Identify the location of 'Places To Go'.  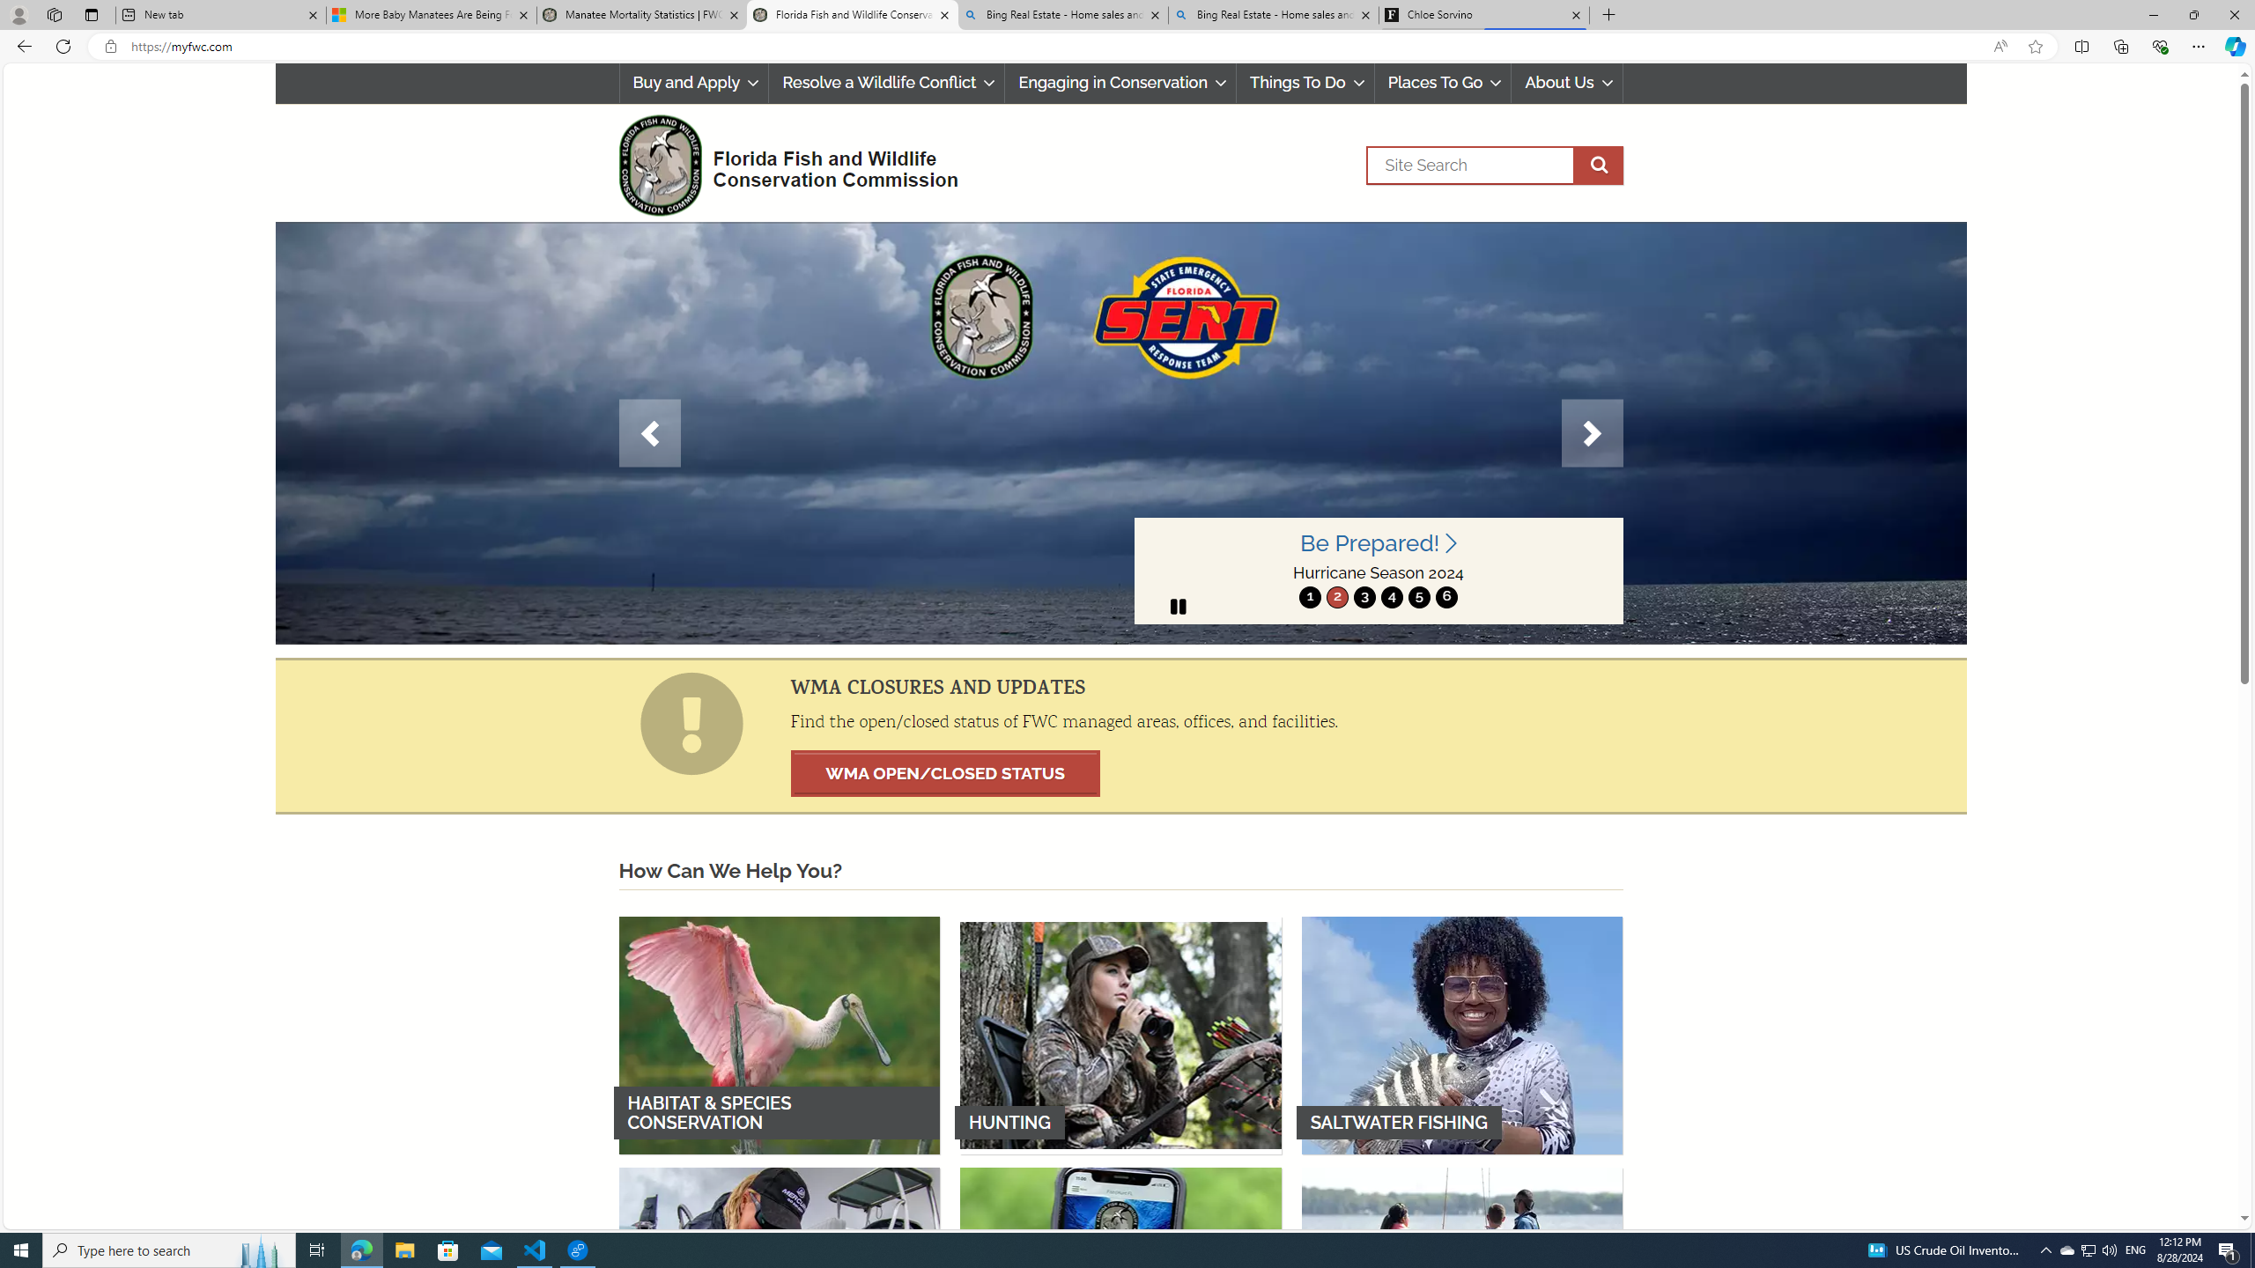
(1441, 82).